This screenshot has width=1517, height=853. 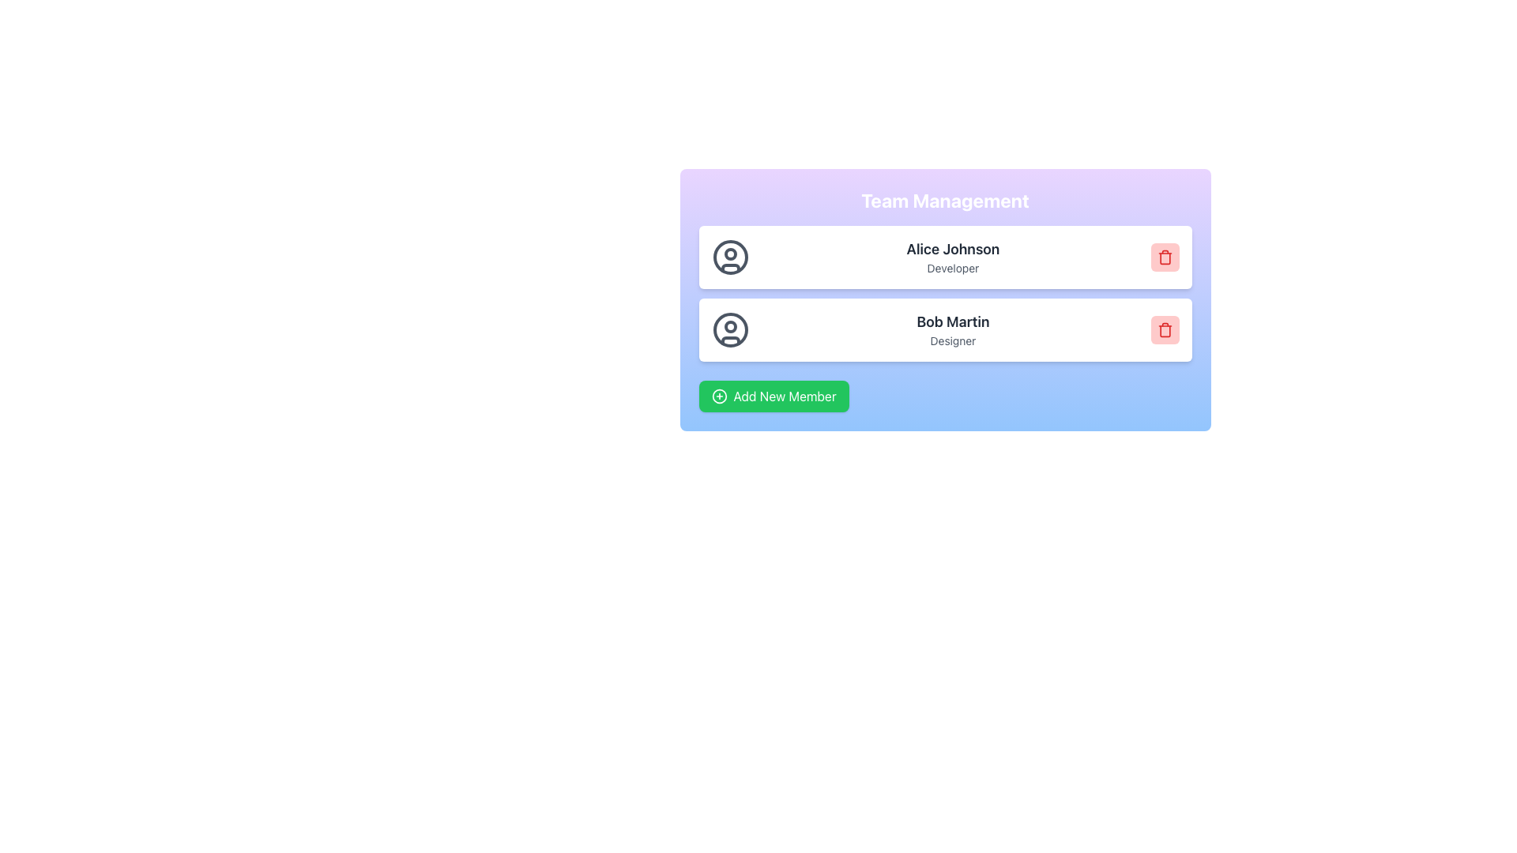 I want to click on the red trash bin icon button, so click(x=1165, y=329).